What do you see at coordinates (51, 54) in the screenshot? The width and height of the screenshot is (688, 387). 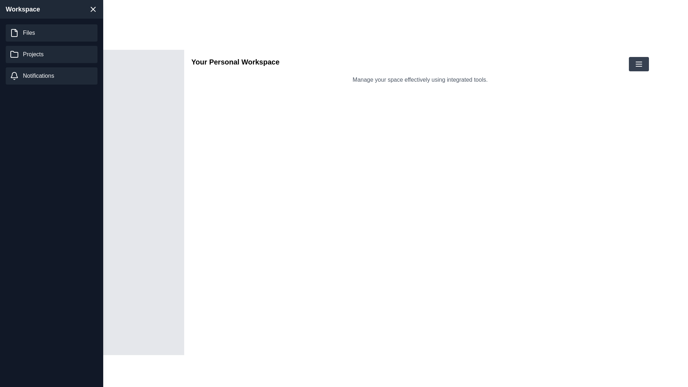 I see `the navigation menu item Projects` at bounding box center [51, 54].